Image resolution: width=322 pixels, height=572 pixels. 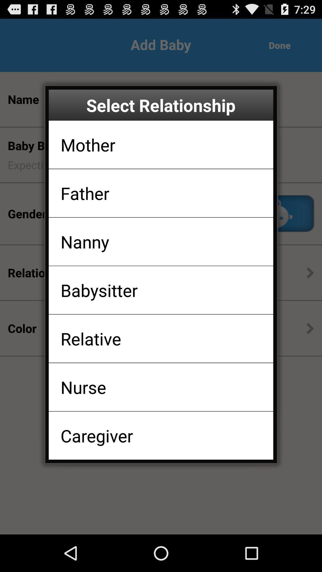 What do you see at coordinates (99, 290) in the screenshot?
I see `babysitter` at bounding box center [99, 290].